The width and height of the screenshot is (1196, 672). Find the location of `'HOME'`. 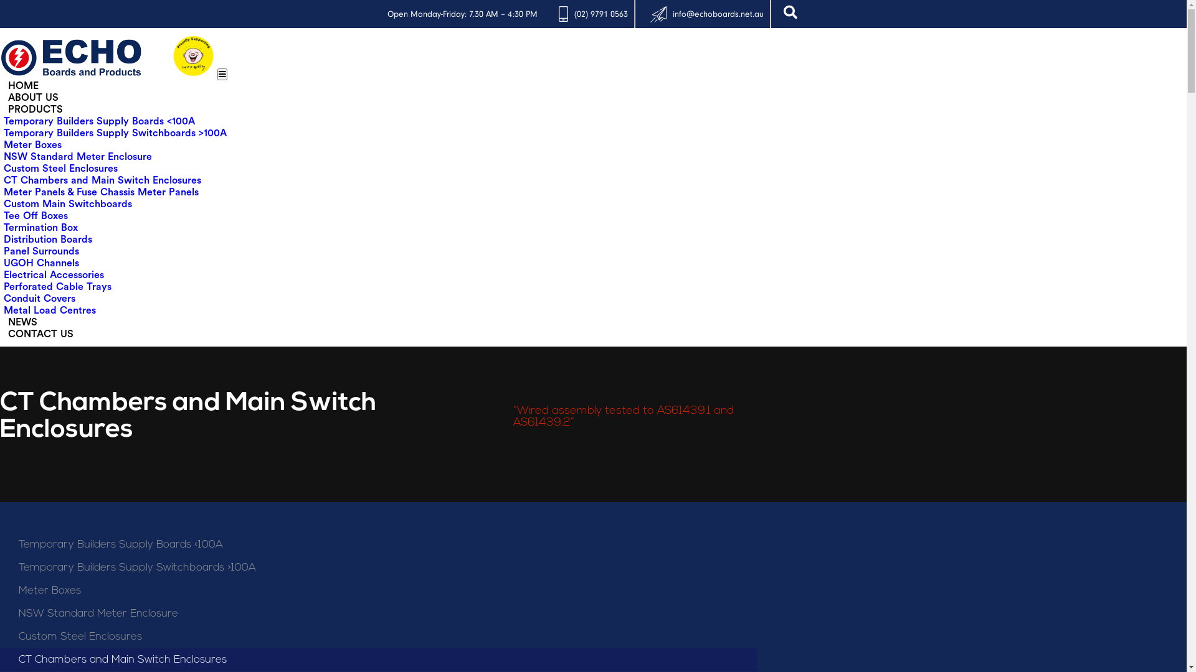

'HOME' is located at coordinates (3, 85).